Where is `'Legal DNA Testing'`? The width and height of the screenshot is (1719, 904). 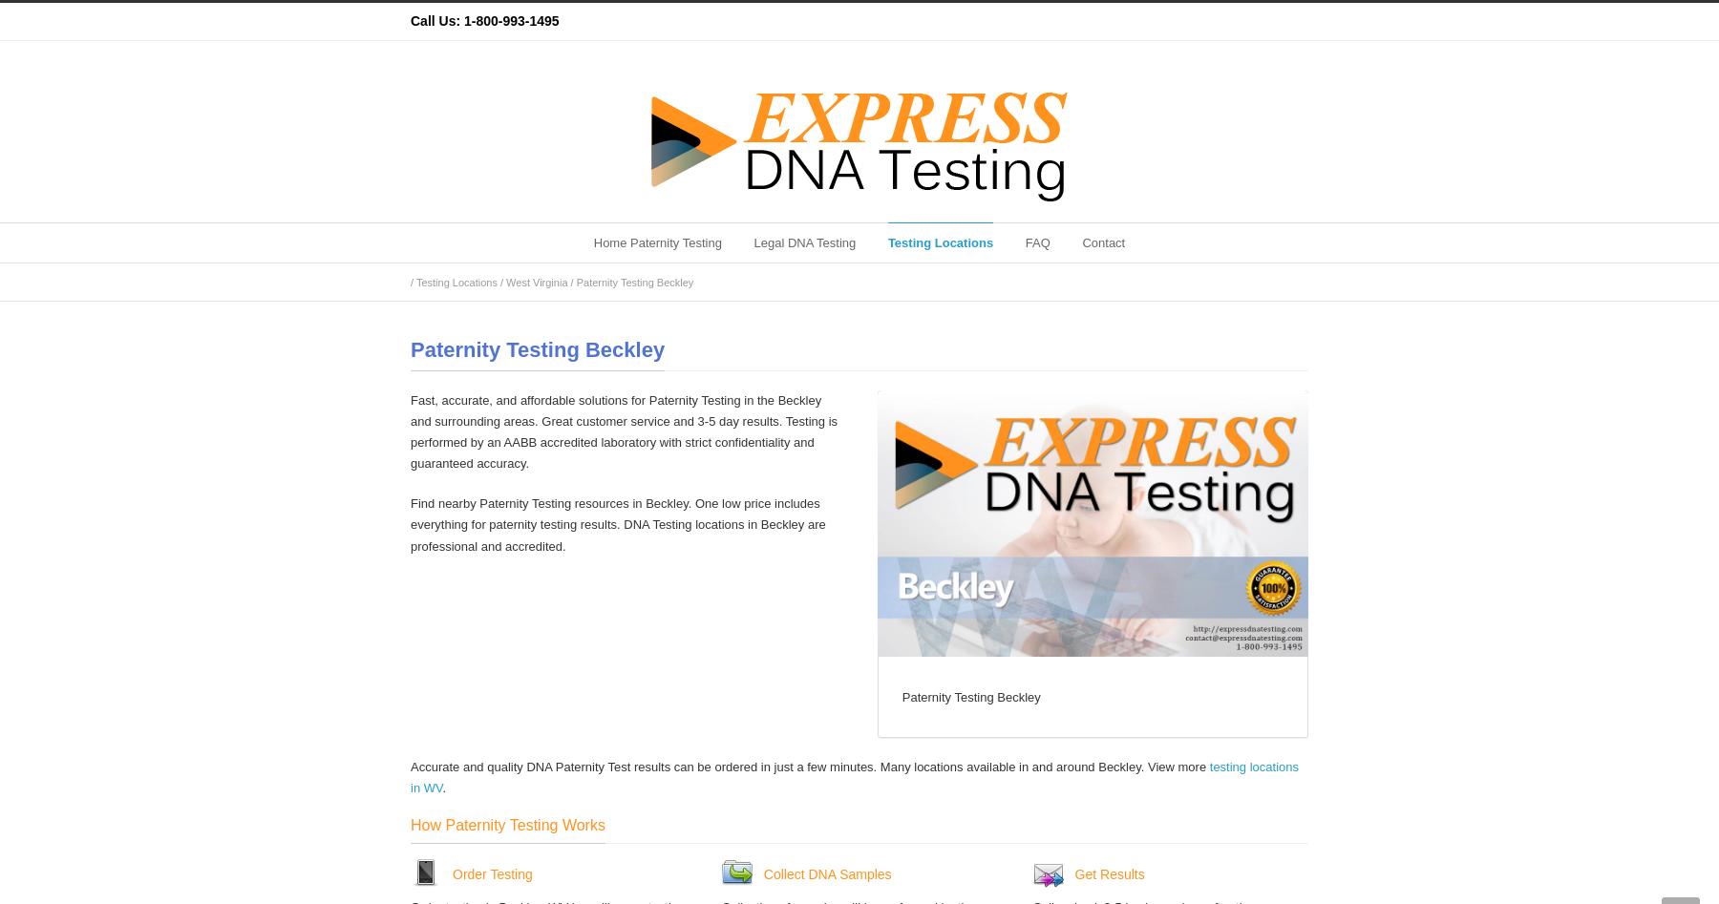 'Legal DNA Testing' is located at coordinates (804, 242).